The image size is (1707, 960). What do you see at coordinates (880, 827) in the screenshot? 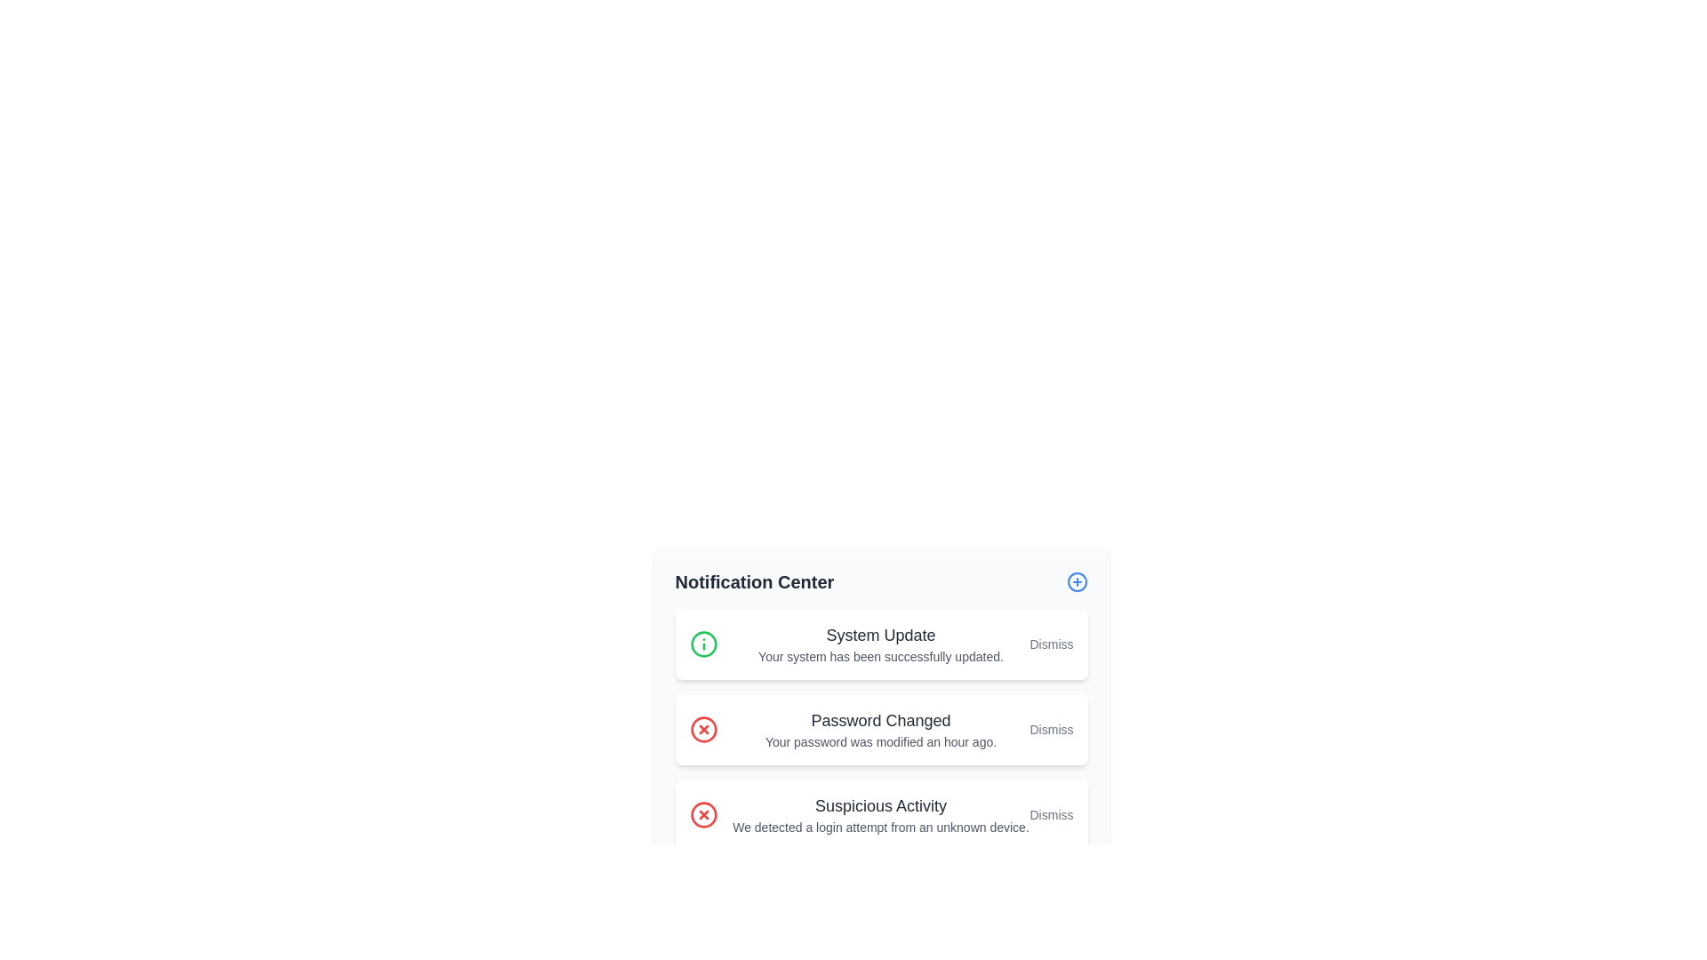
I see `static text element that provides details about an attempted login from an unrecognized device, located below the title 'Suspicious Activity' in the notification card` at bounding box center [880, 827].